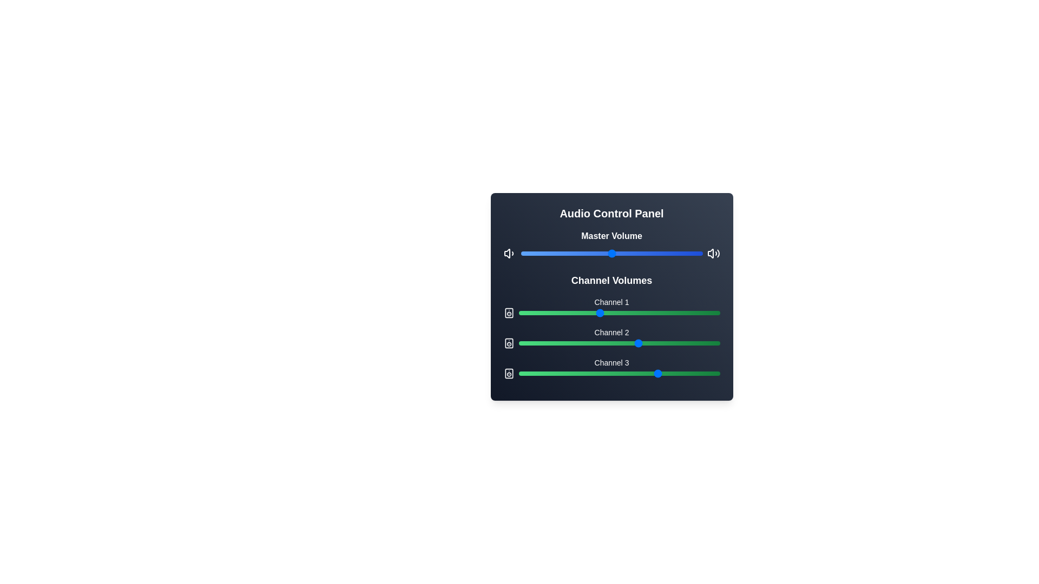 The image size is (1039, 584). Describe the element at coordinates (600, 254) in the screenshot. I see `the master volume` at that location.